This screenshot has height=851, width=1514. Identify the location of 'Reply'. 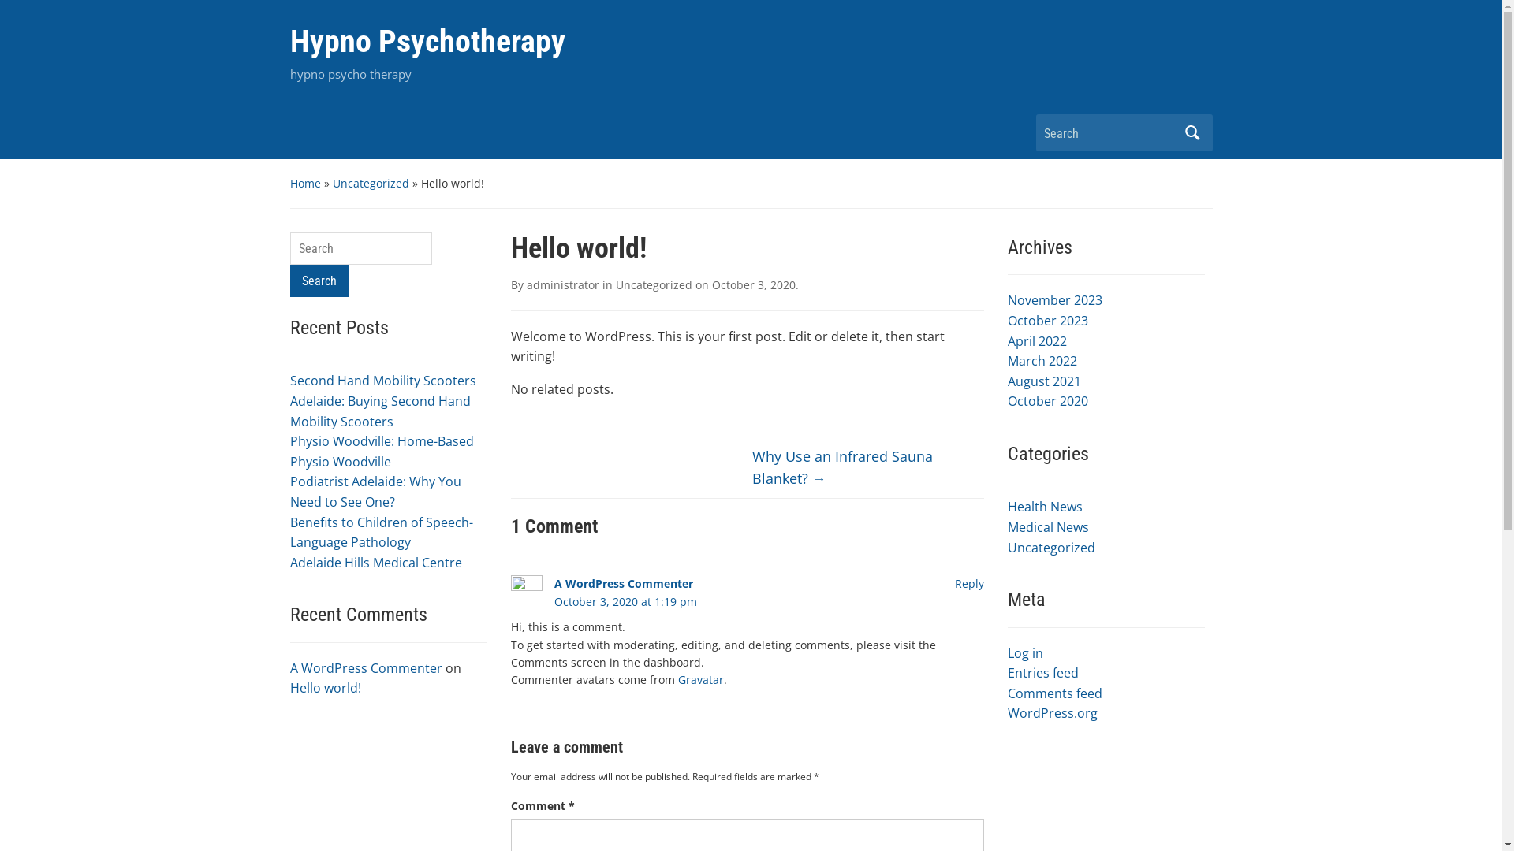
(968, 583).